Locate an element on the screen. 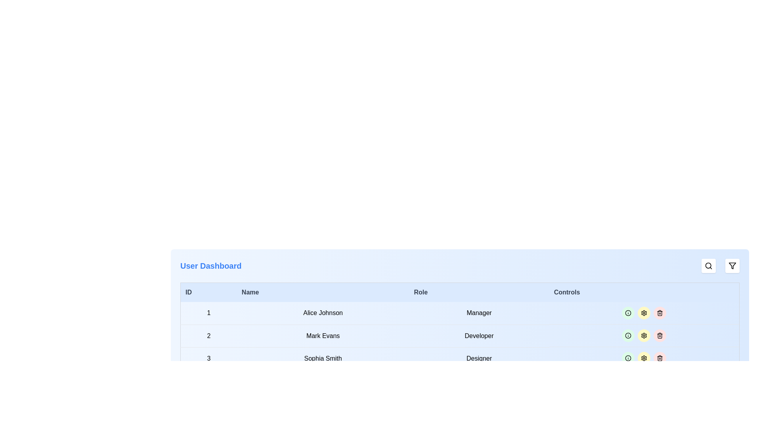 The image size is (761, 428). the delete Icon Button located in the third row under the 'Controls' header, which is the rightmost icon among three control icons is located at coordinates (660, 358).